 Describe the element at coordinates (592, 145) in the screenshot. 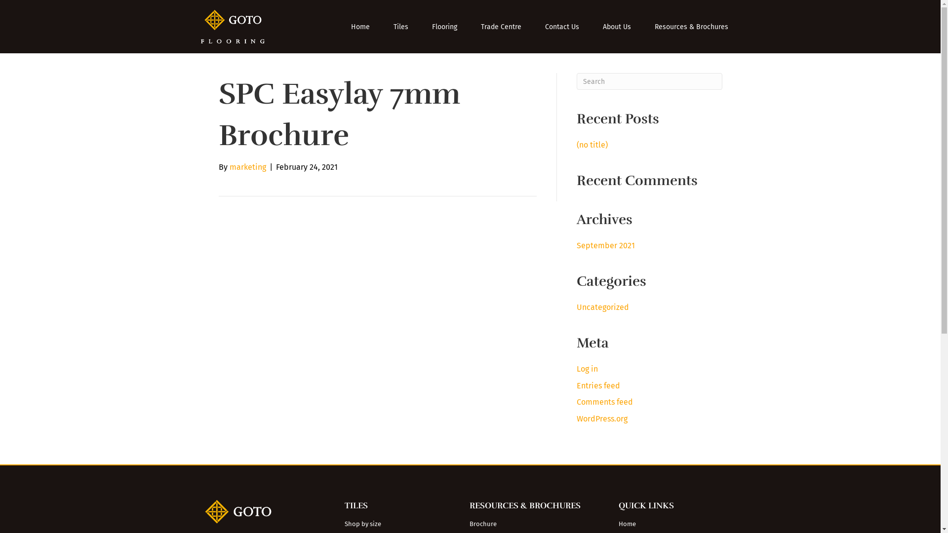

I see `'(no title)'` at that location.